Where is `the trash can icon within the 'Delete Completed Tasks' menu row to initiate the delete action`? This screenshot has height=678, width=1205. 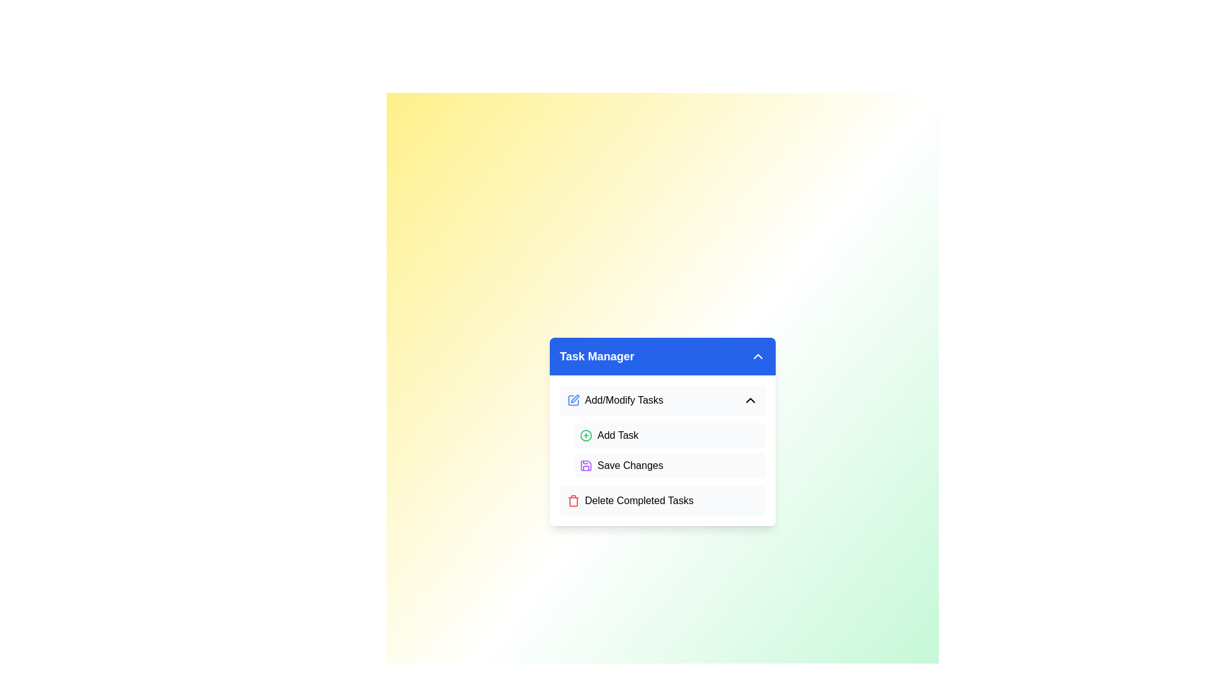 the trash can icon within the 'Delete Completed Tasks' menu row to initiate the delete action is located at coordinates (572, 500).